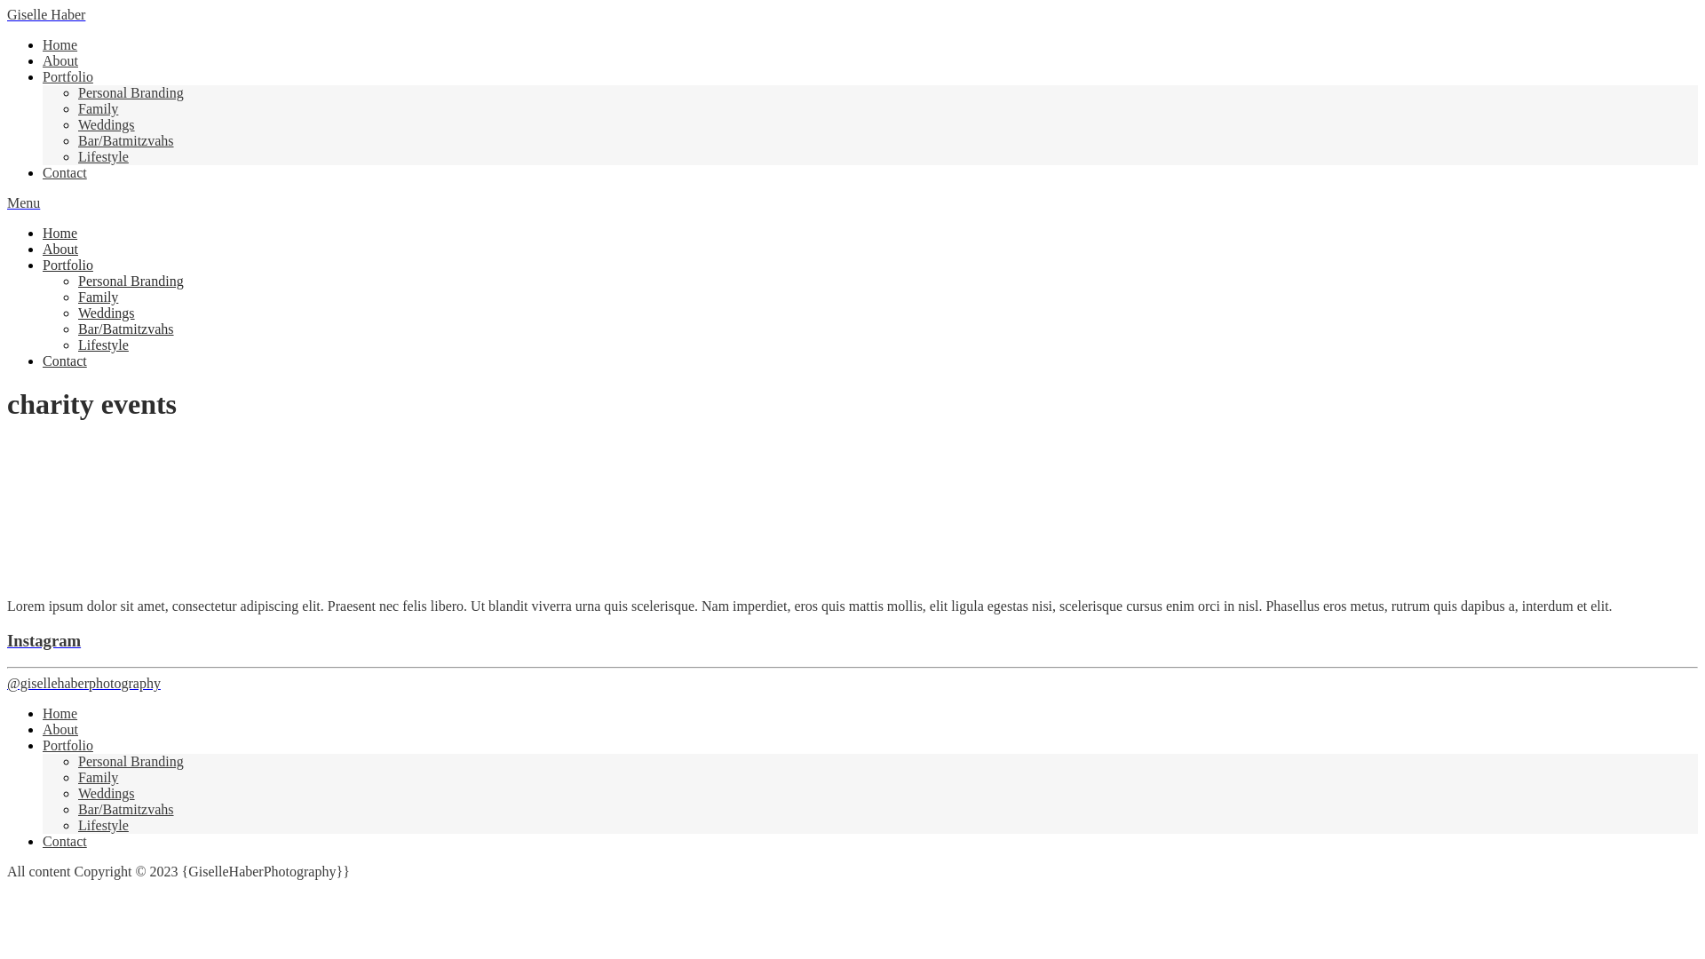  I want to click on 'Instagram, so click(7, 662).